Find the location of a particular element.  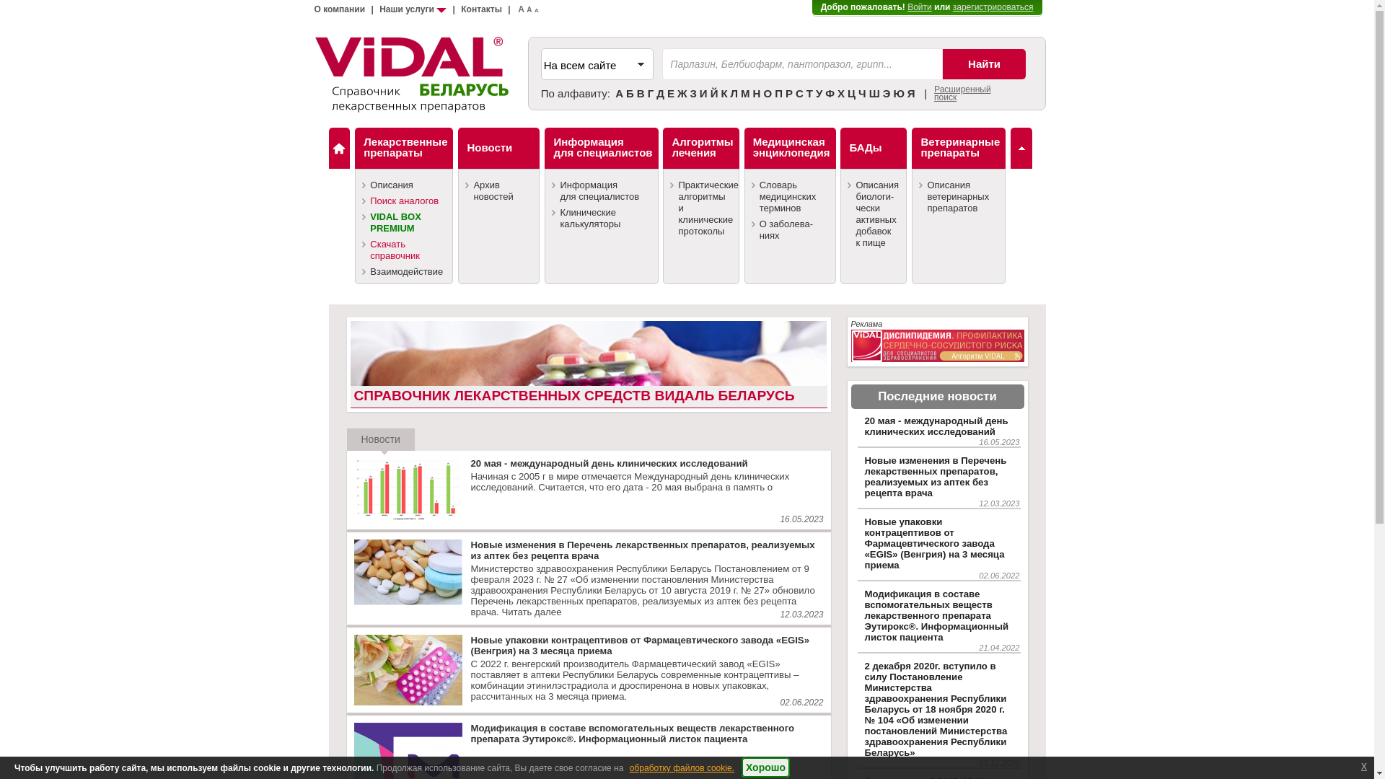

'x' is located at coordinates (1363, 765).